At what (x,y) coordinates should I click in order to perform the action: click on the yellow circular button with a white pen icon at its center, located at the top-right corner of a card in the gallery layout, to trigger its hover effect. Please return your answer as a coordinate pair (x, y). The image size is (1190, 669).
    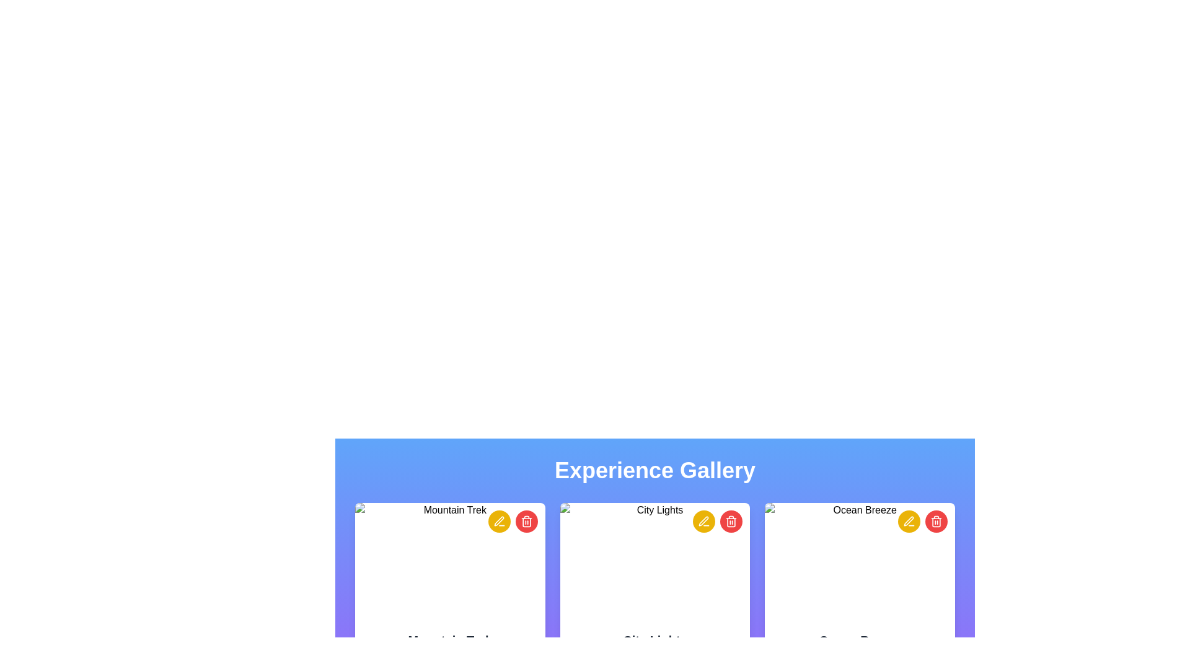
    Looking at the image, I should click on (704, 521).